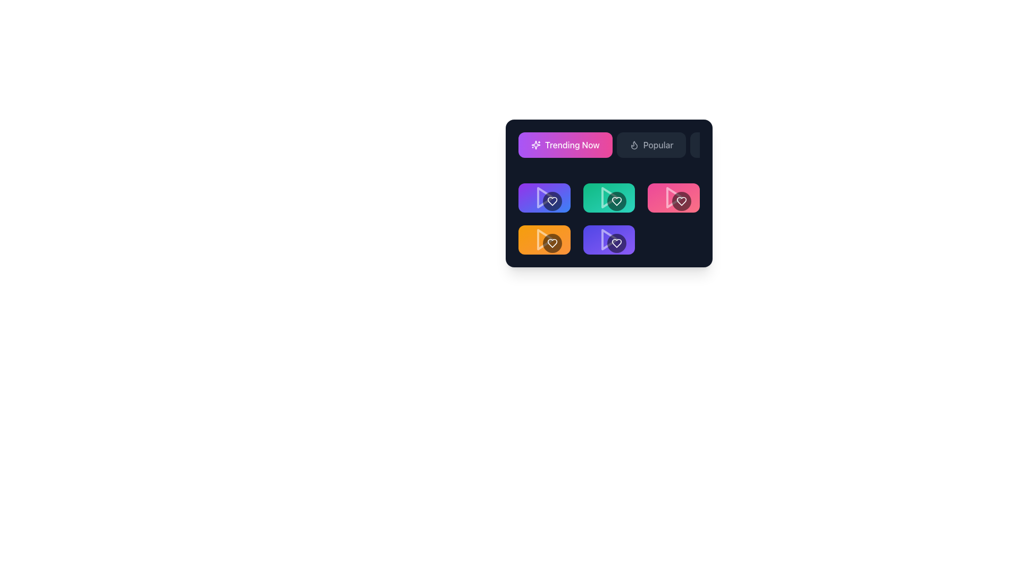 The height and width of the screenshot is (574, 1021). What do you see at coordinates (544, 198) in the screenshot?
I see `the play icon, which is a triangle pointing right, outlined and semi-transparent white, located in the top-left card of a grid of six cards` at bounding box center [544, 198].